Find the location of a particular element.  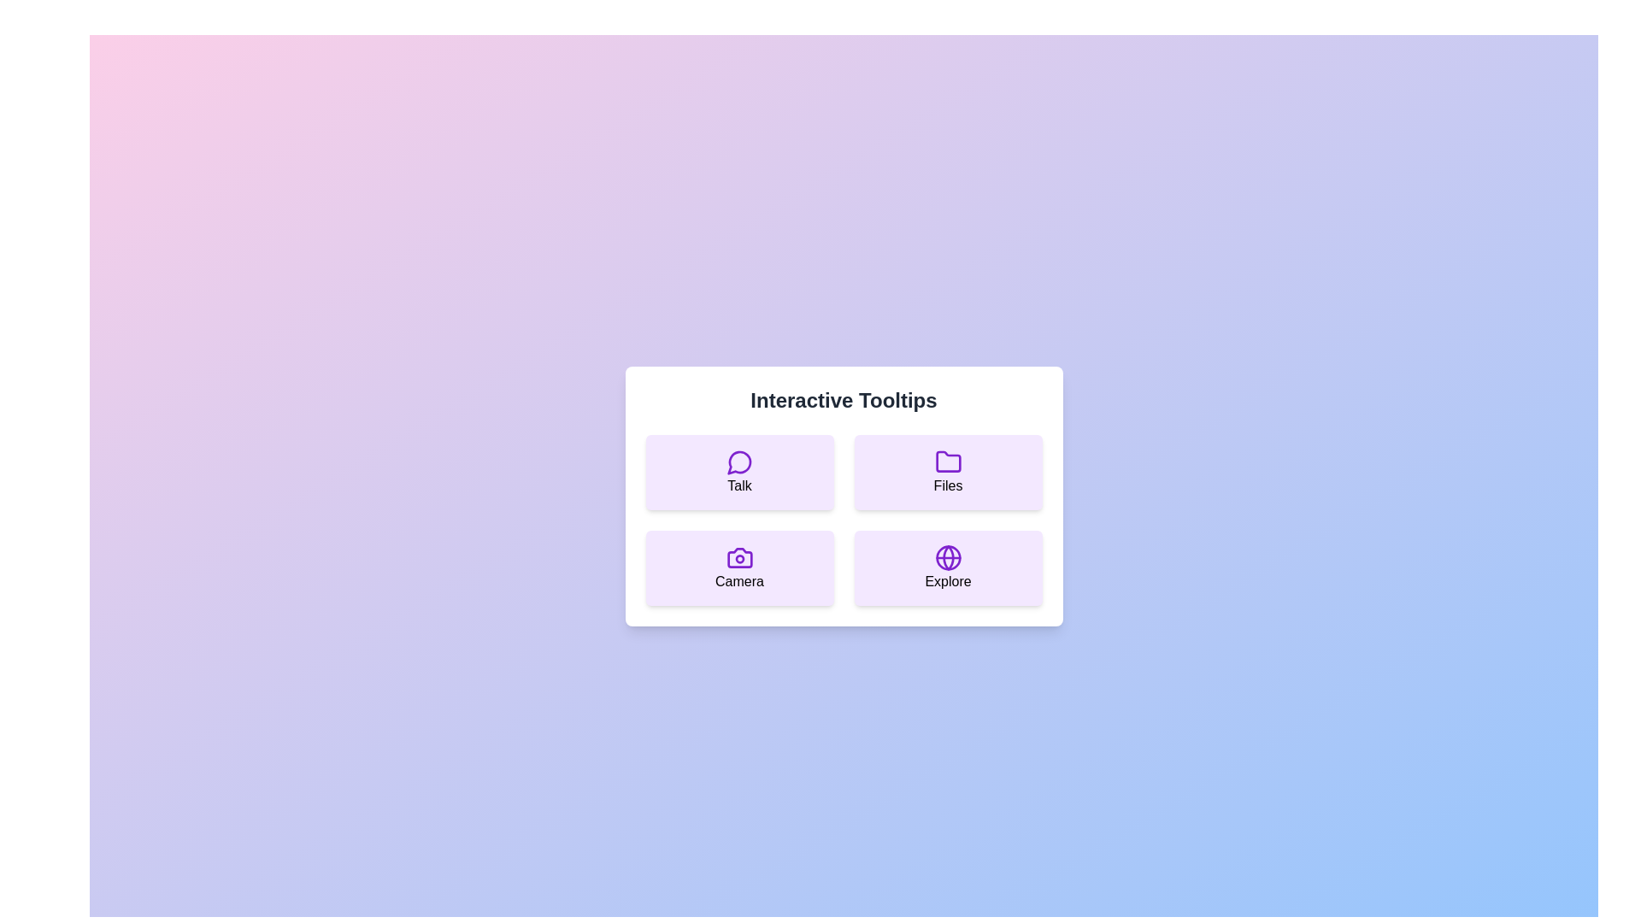

the 'Camera' icon located in the bottom-left quadrant of the grid is located at coordinates (739, 557).